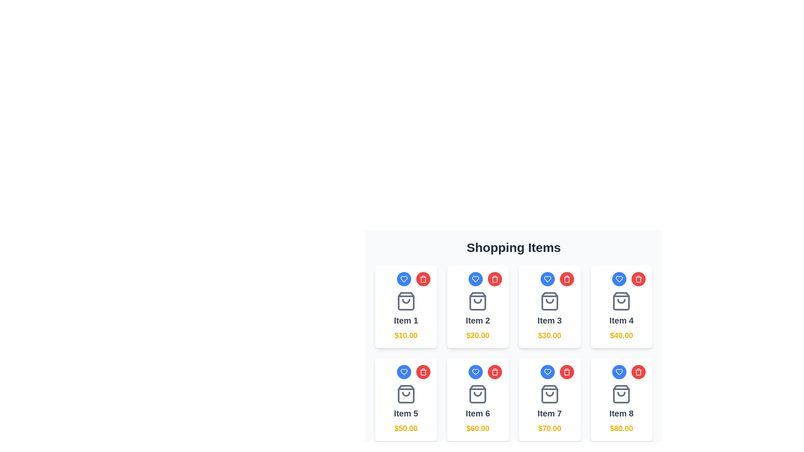 The image size is (804, 452). Describe the element at coordinates (406, 394) in the screenshot. I see `the decorative arc-like shape that serves as the handle of the shopping bag icon, which is located at the center-bottom of the icon` at that location.